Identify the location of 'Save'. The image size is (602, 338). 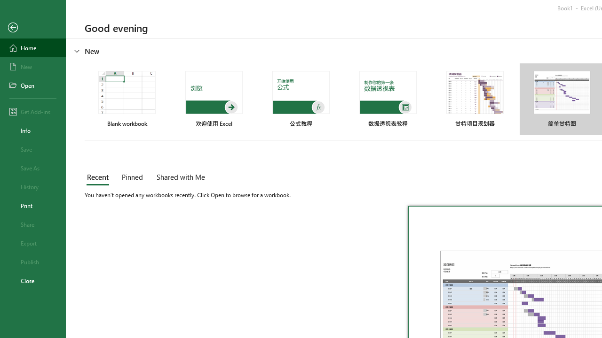
(32, 148).